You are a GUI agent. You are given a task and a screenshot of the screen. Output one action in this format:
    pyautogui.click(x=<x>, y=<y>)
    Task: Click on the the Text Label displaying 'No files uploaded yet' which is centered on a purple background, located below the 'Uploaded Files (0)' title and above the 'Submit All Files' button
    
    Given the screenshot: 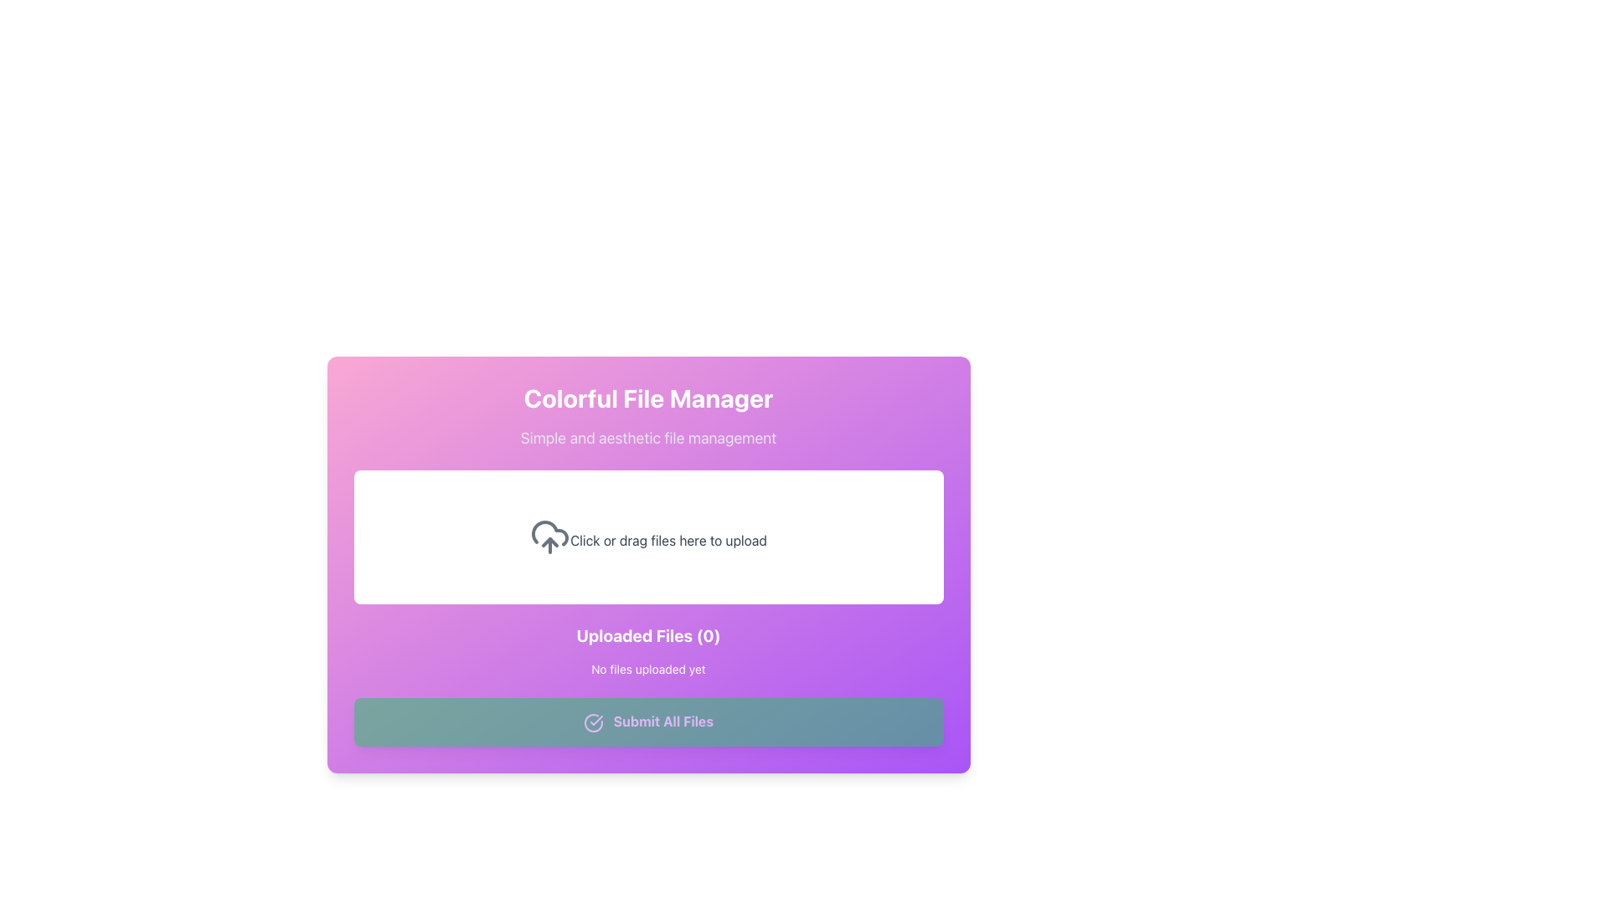 What is the action you would take?
    pyautogui.click(x=647, y=668)
    